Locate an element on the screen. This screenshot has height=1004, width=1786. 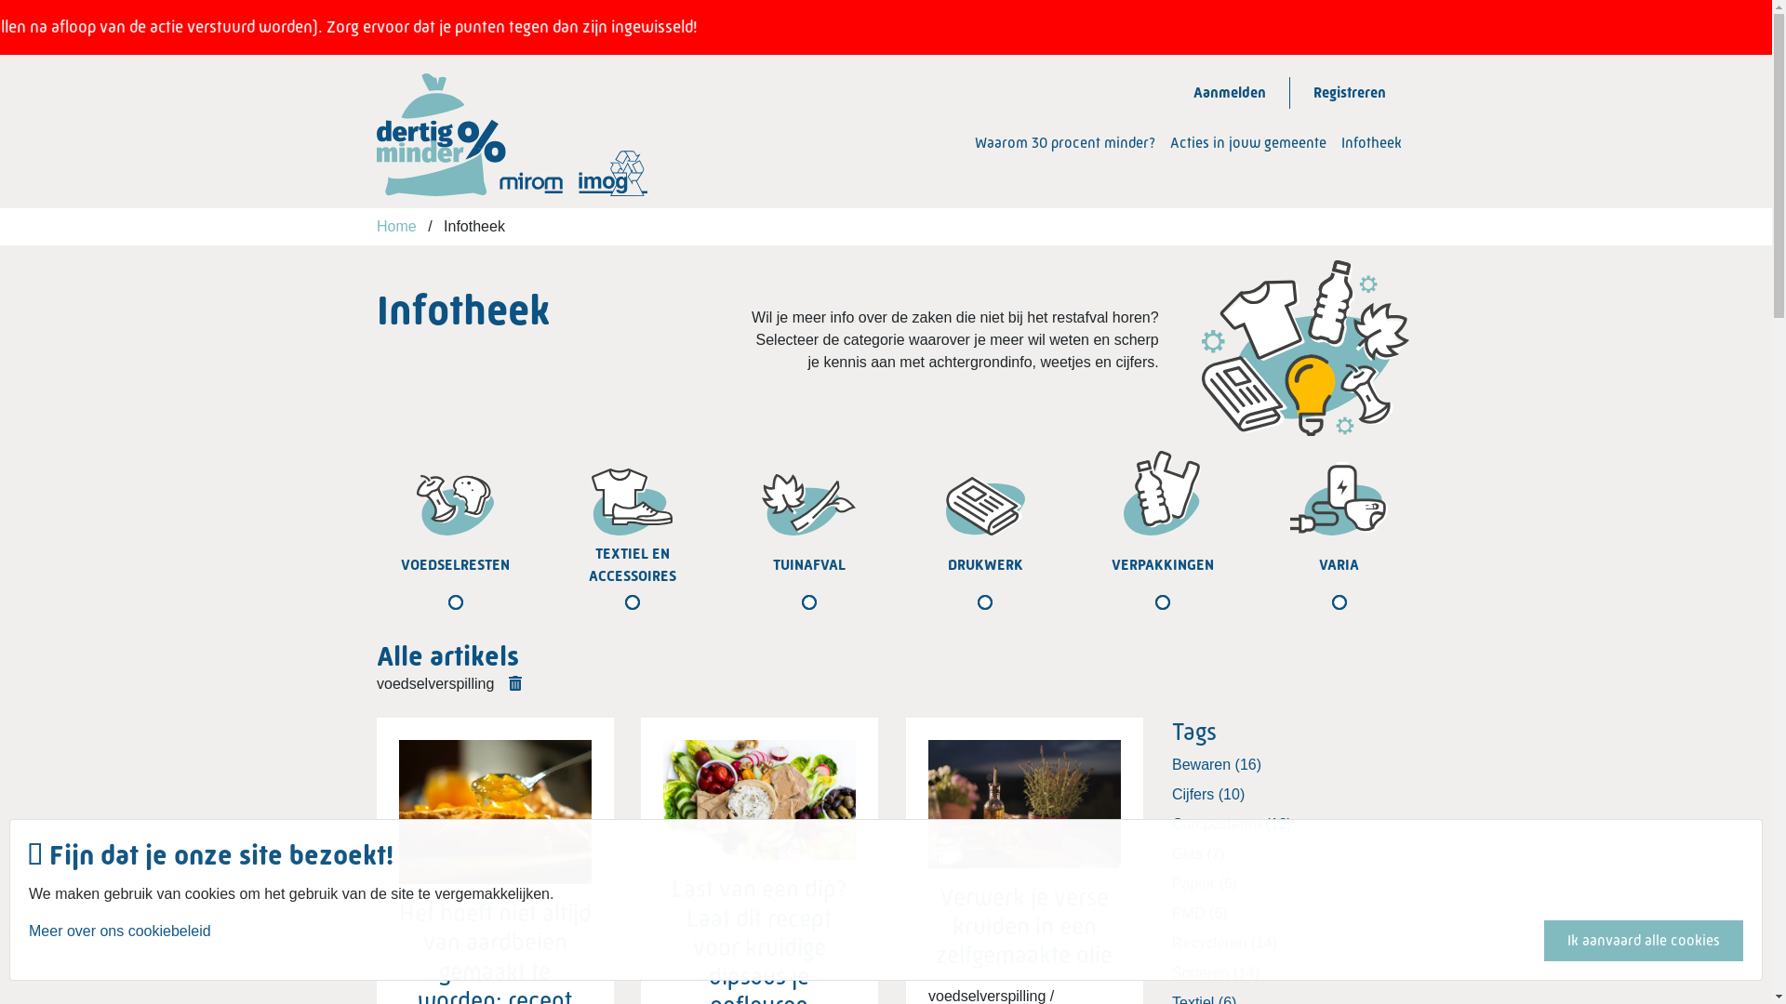
'Registreren' is located at coordinates (1349, 93).